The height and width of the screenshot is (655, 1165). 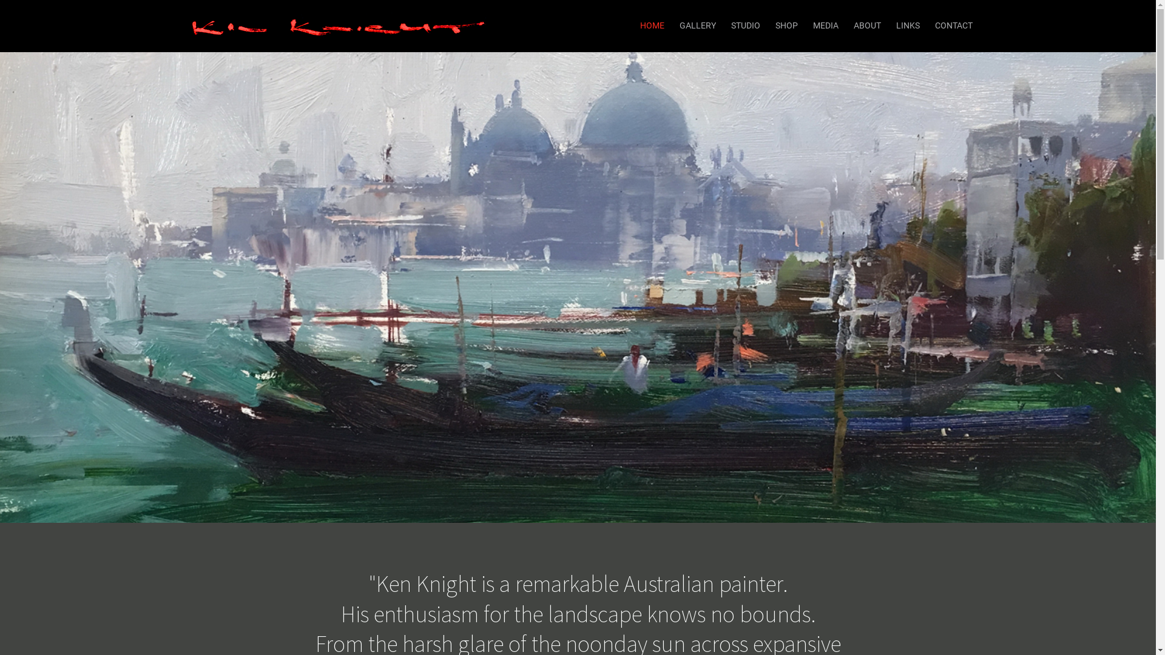 What do you see at coordinates (698, 25) in the screenshot?
I see `'GALLERY'` at bounding box center [698, 25].